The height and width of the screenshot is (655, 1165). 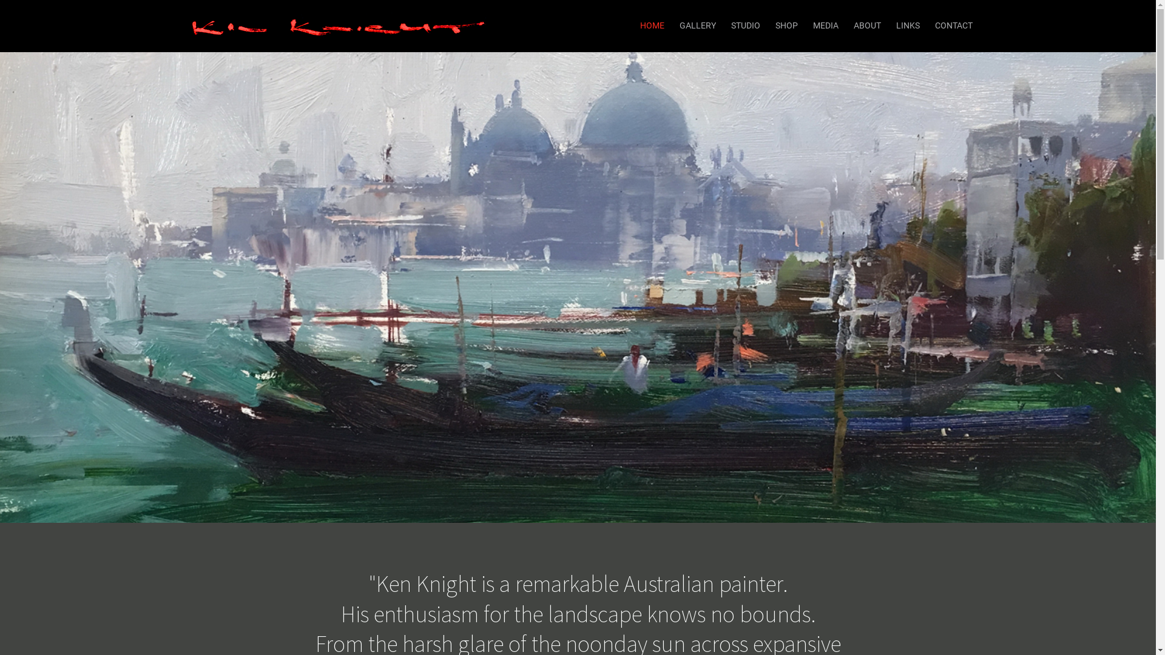 What do you see at coordinates (698, 25) in the screenshot?
I see `'GALLERY'` at bounding box center [698, 25].